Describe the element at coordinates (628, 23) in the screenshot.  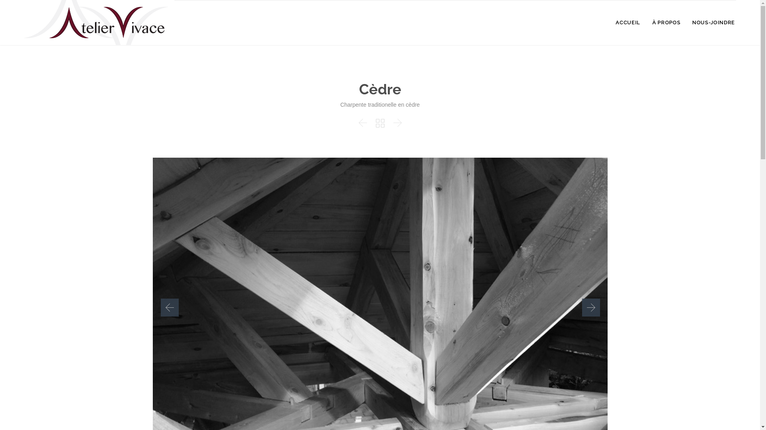
I see `'ACCUEIL'` at that location.